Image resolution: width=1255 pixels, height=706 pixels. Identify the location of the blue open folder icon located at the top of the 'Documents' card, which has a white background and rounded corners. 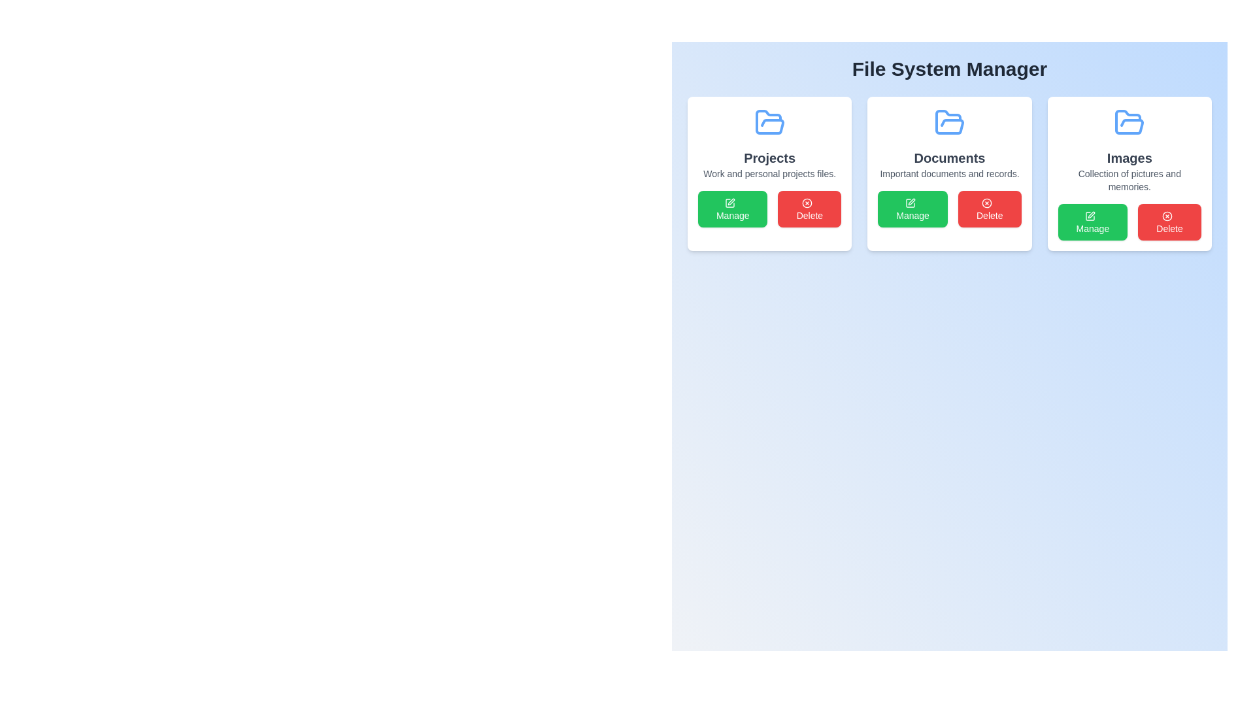
(950, 123).